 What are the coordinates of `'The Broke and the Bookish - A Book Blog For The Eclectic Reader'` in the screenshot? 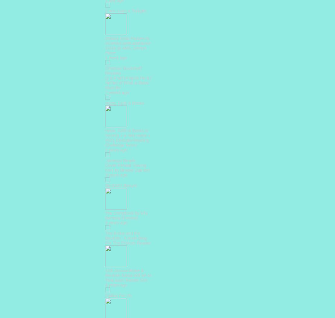 It's located at (128, 238).